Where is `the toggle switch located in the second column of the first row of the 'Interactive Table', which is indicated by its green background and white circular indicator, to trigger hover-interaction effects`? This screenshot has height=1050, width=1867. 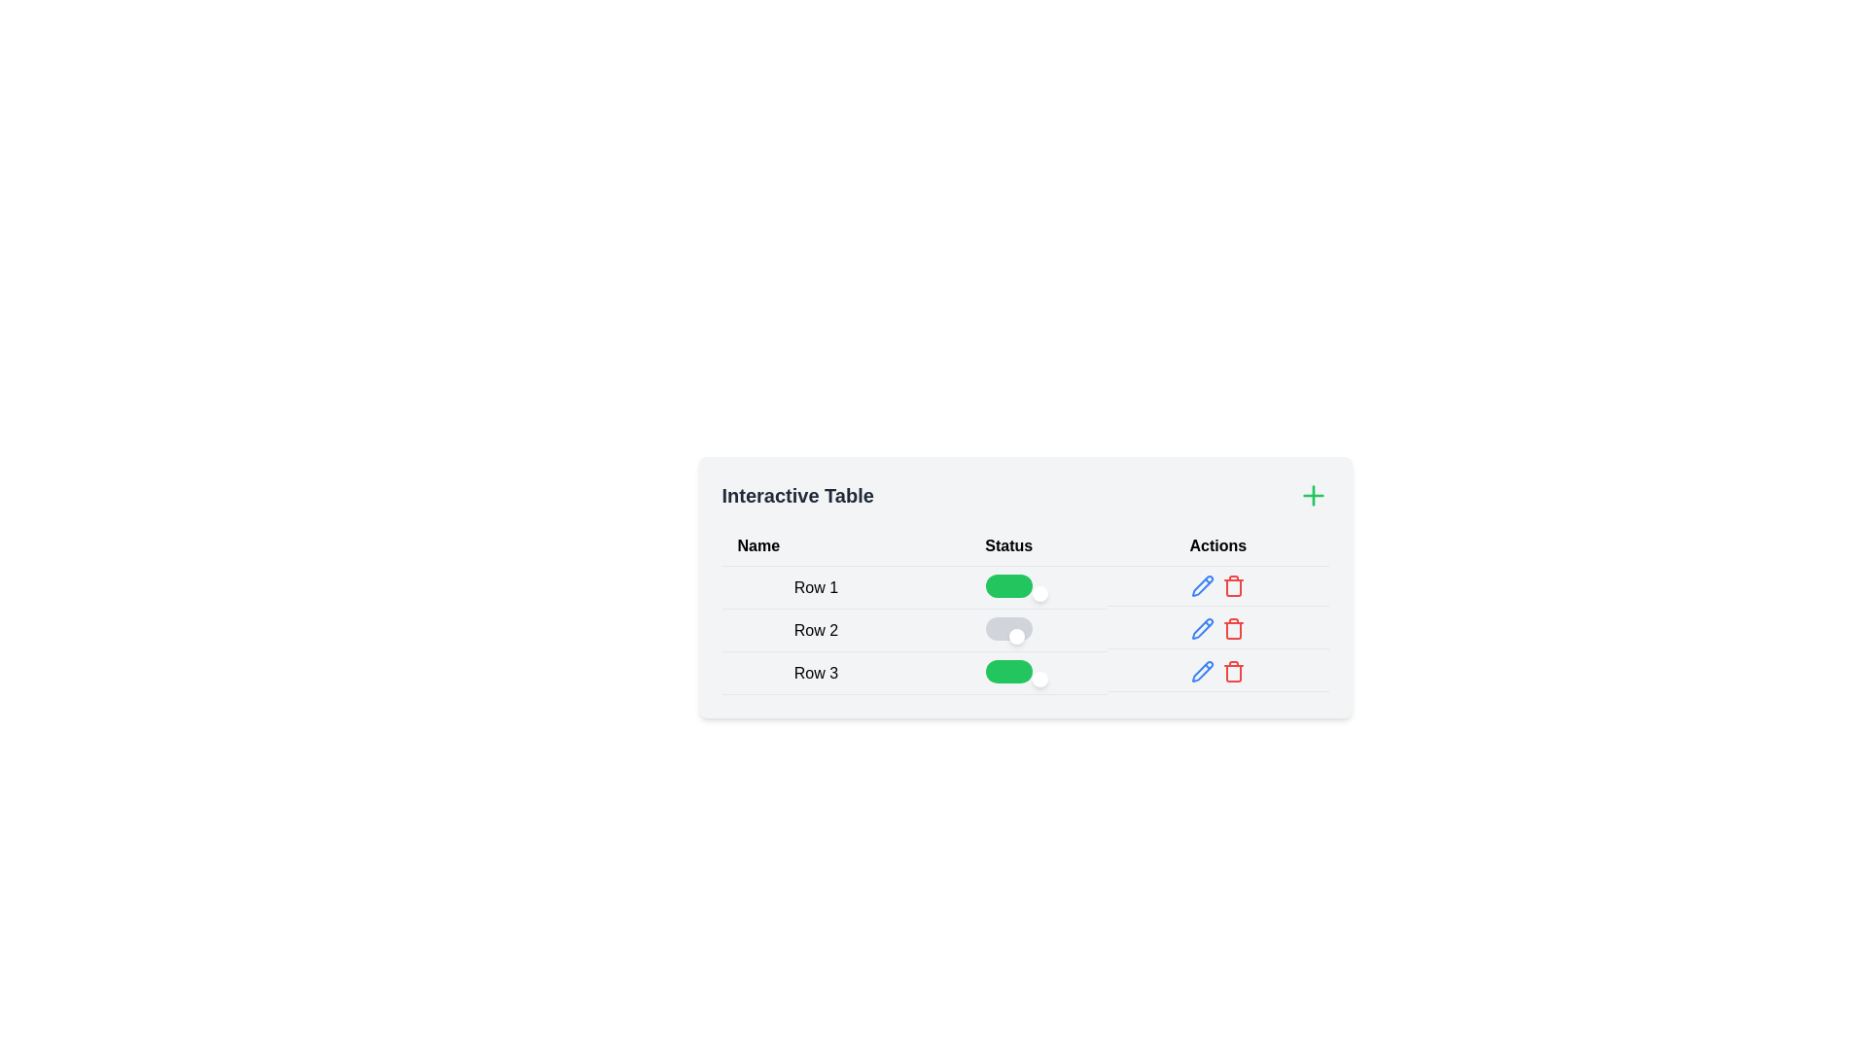
the toggle switch located in the second column of the first row of the 'Interactive Table', which is indicated by its green background and white circular indicator, to trigger hover-interaction effects is located at coordinates (1008, 586).